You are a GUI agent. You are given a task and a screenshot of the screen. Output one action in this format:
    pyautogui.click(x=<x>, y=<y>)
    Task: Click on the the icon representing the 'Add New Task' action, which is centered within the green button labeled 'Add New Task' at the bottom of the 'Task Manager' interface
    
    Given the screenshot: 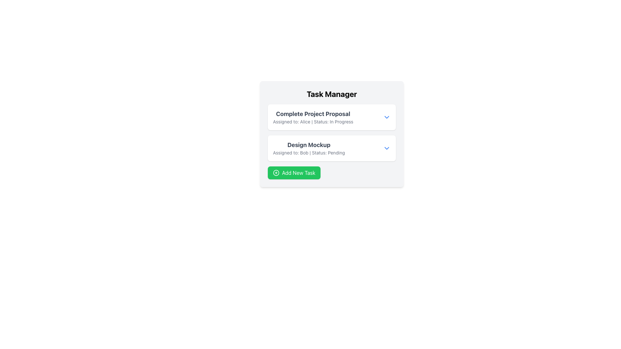 What is the action you would take?
    pyautogui.click(x=276, y=173)
    